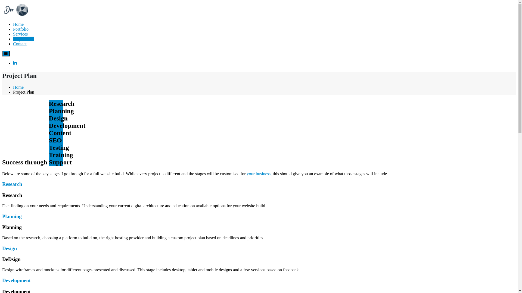 This screenshot has width=522, height=293. Describe the element at coordinates (20, 34) in the screenshot. I see `'Services'` at that location.